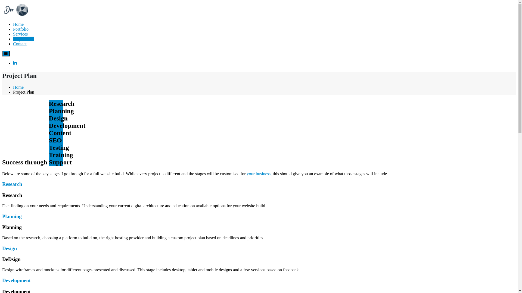 This screenshot has width=522, height=293. Describe the element at coordinates (20, 34) in the screenshot. I see `'Services'` at that location.